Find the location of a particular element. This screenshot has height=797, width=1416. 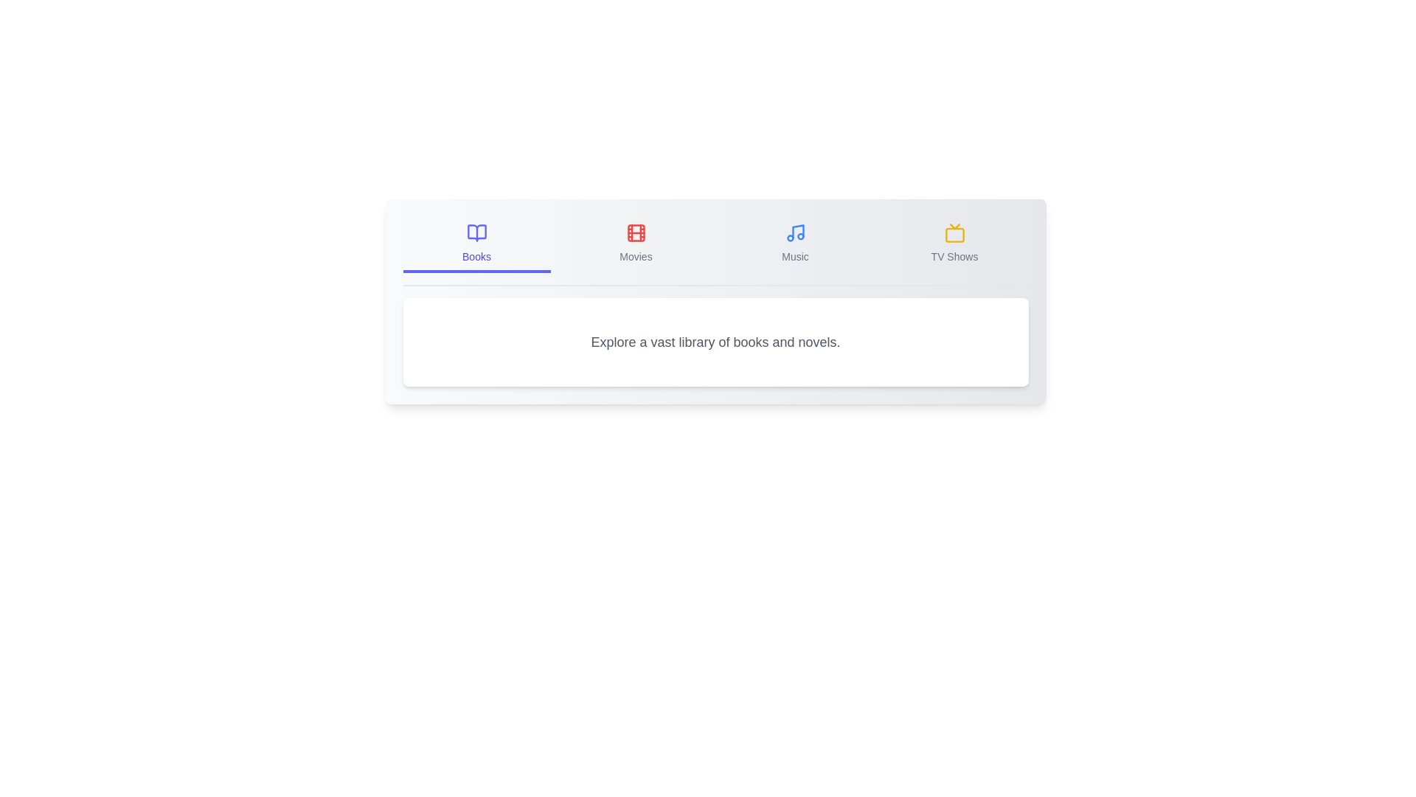

the tab corresponding to Movies to view its content is located at coordinates (636, 244).